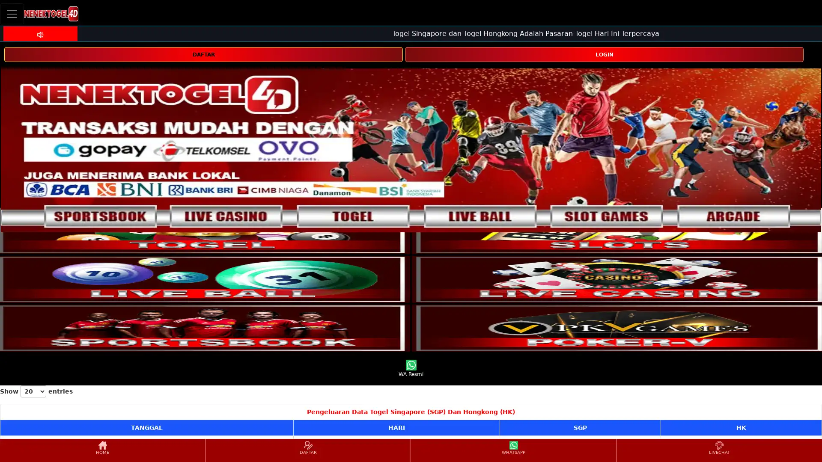 Image resolution: width=822 pixels, height=462 pixels. What do you see at coordinates (203, 54) in the screenshot?
I see `DAFTAR` at bounding box center [203, 54].